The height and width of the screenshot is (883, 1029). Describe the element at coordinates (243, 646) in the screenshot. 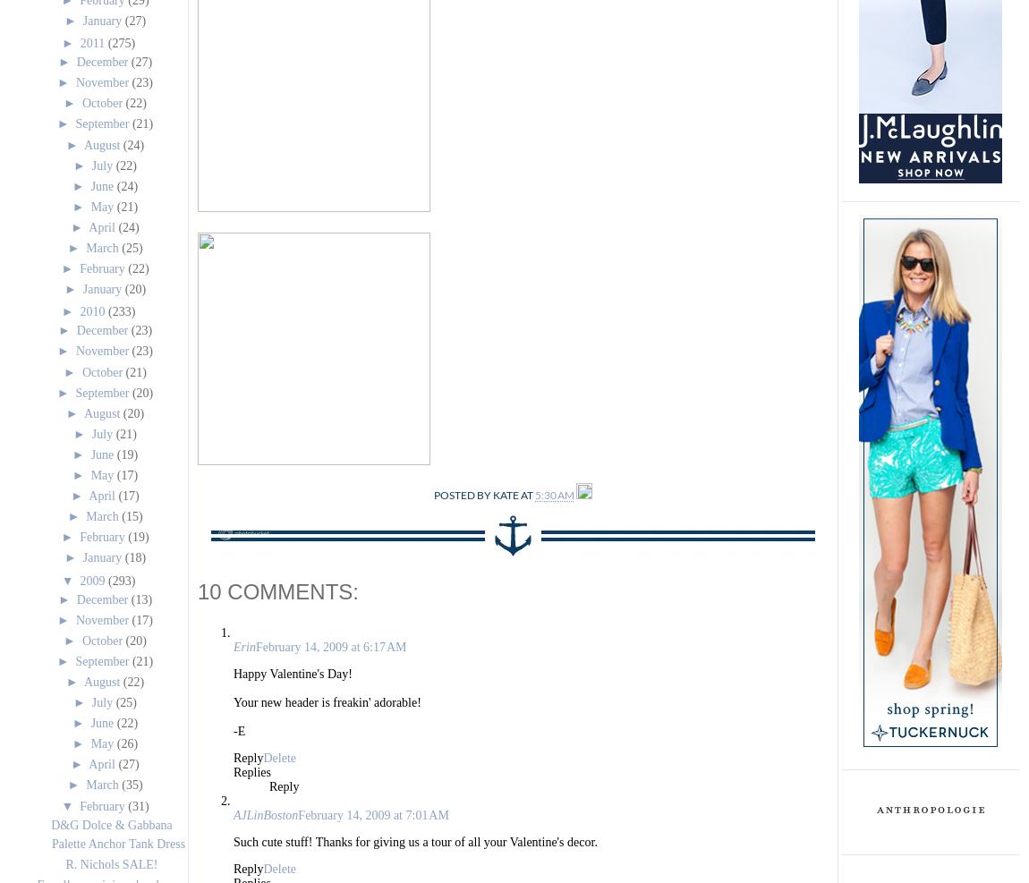

I see `'Erin'` at that location.